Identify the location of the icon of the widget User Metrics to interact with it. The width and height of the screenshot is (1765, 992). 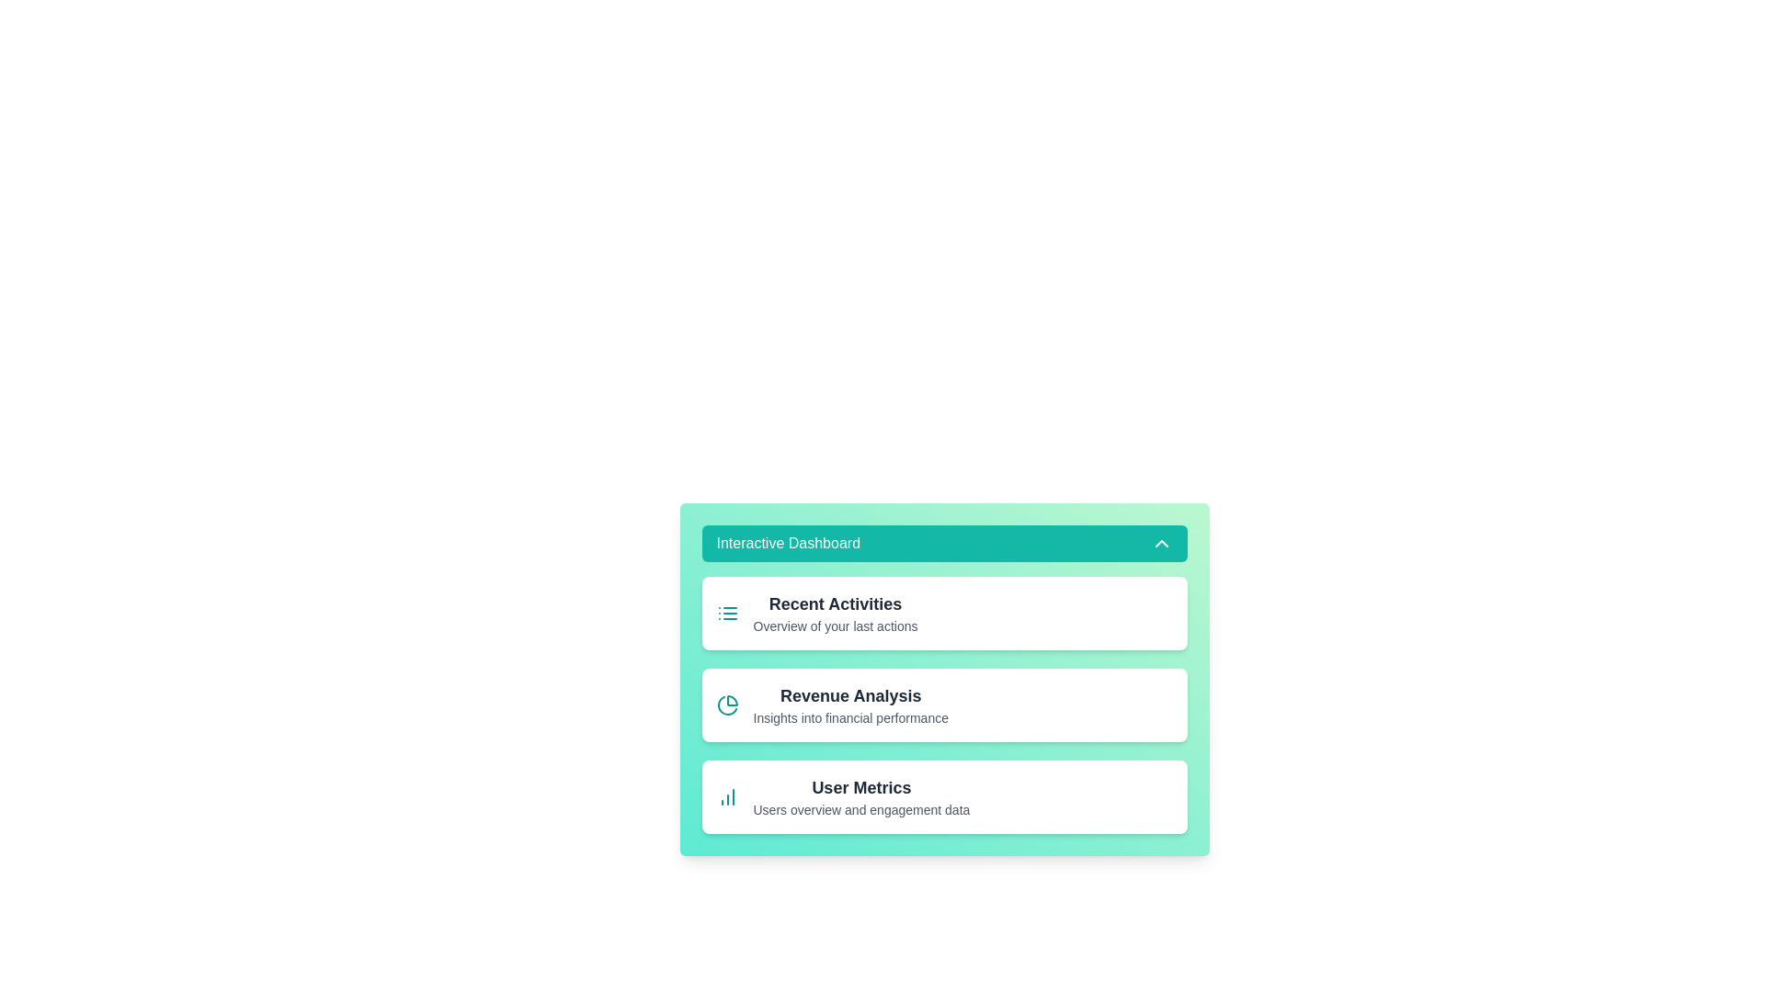
(726, 795).